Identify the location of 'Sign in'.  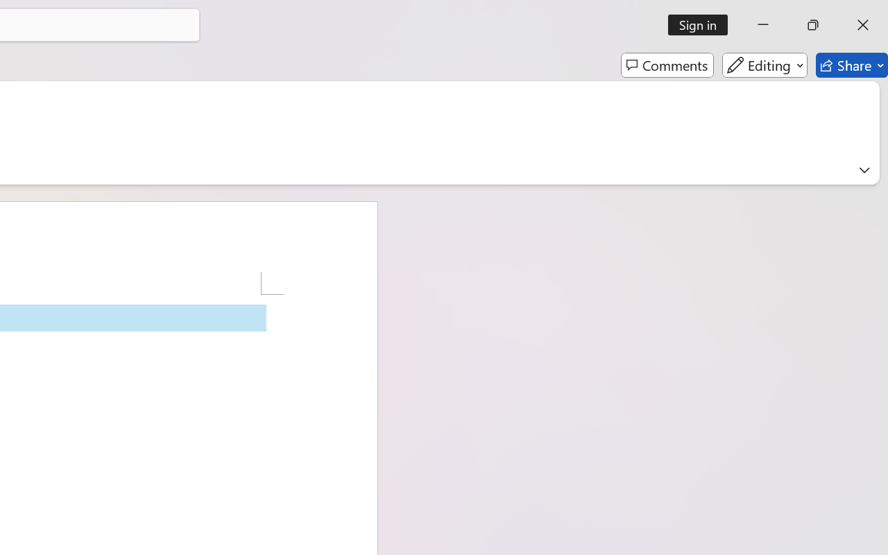
(703, 24).